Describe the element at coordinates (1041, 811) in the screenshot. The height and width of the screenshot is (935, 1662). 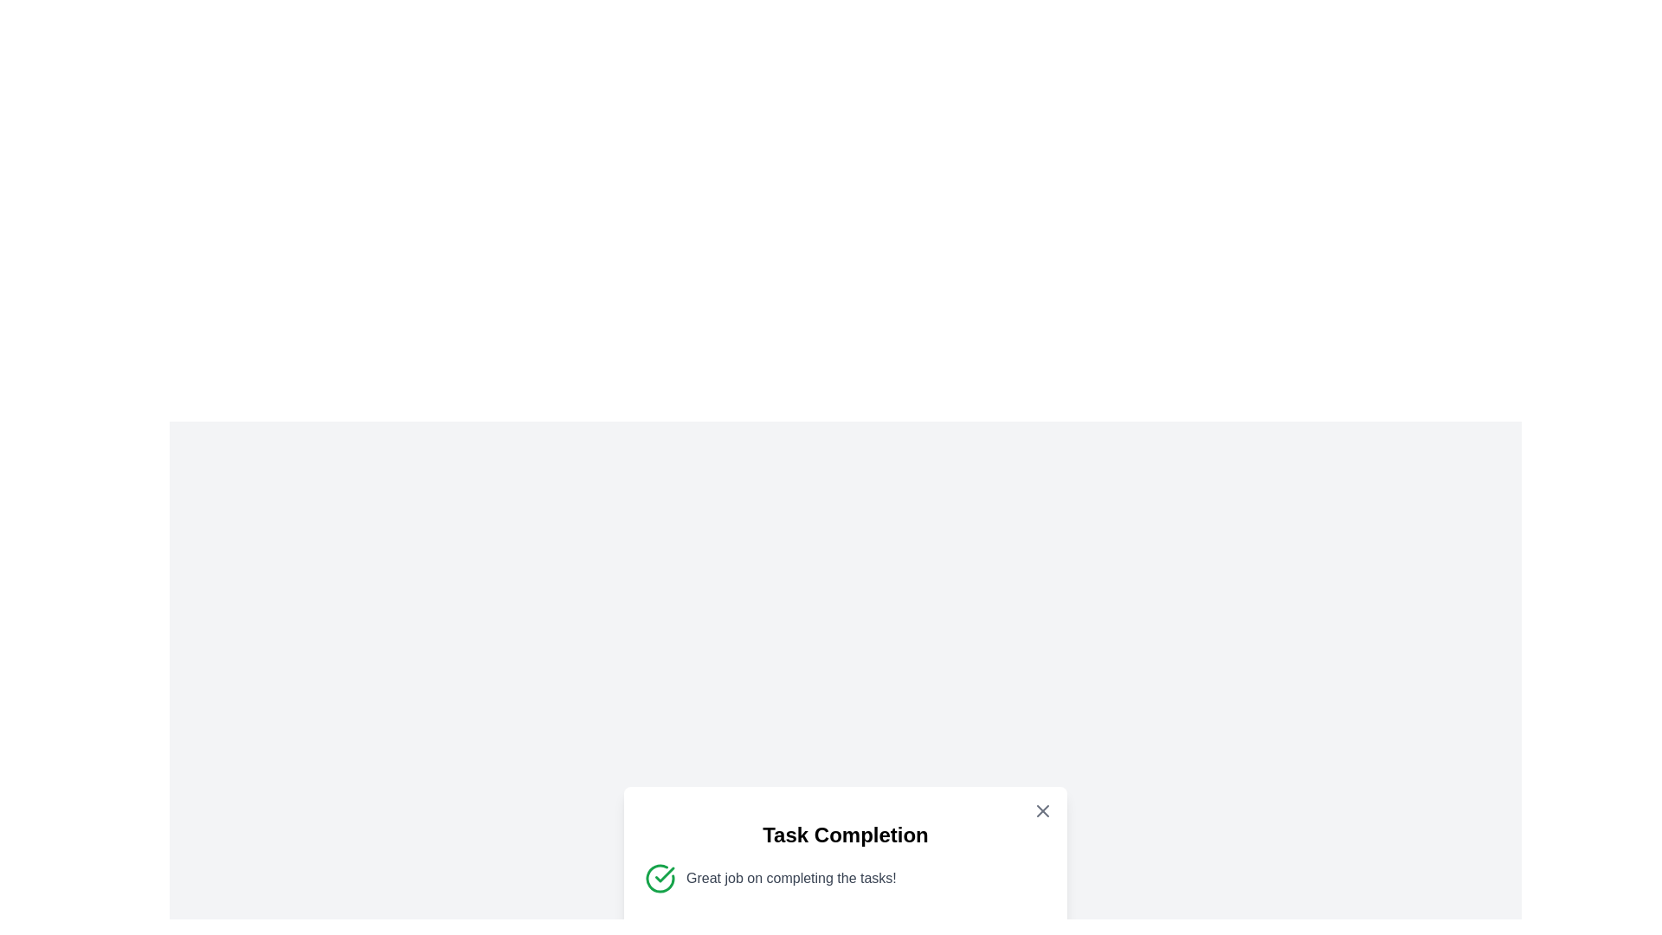
I see `the close button to close the dialog` at that location.